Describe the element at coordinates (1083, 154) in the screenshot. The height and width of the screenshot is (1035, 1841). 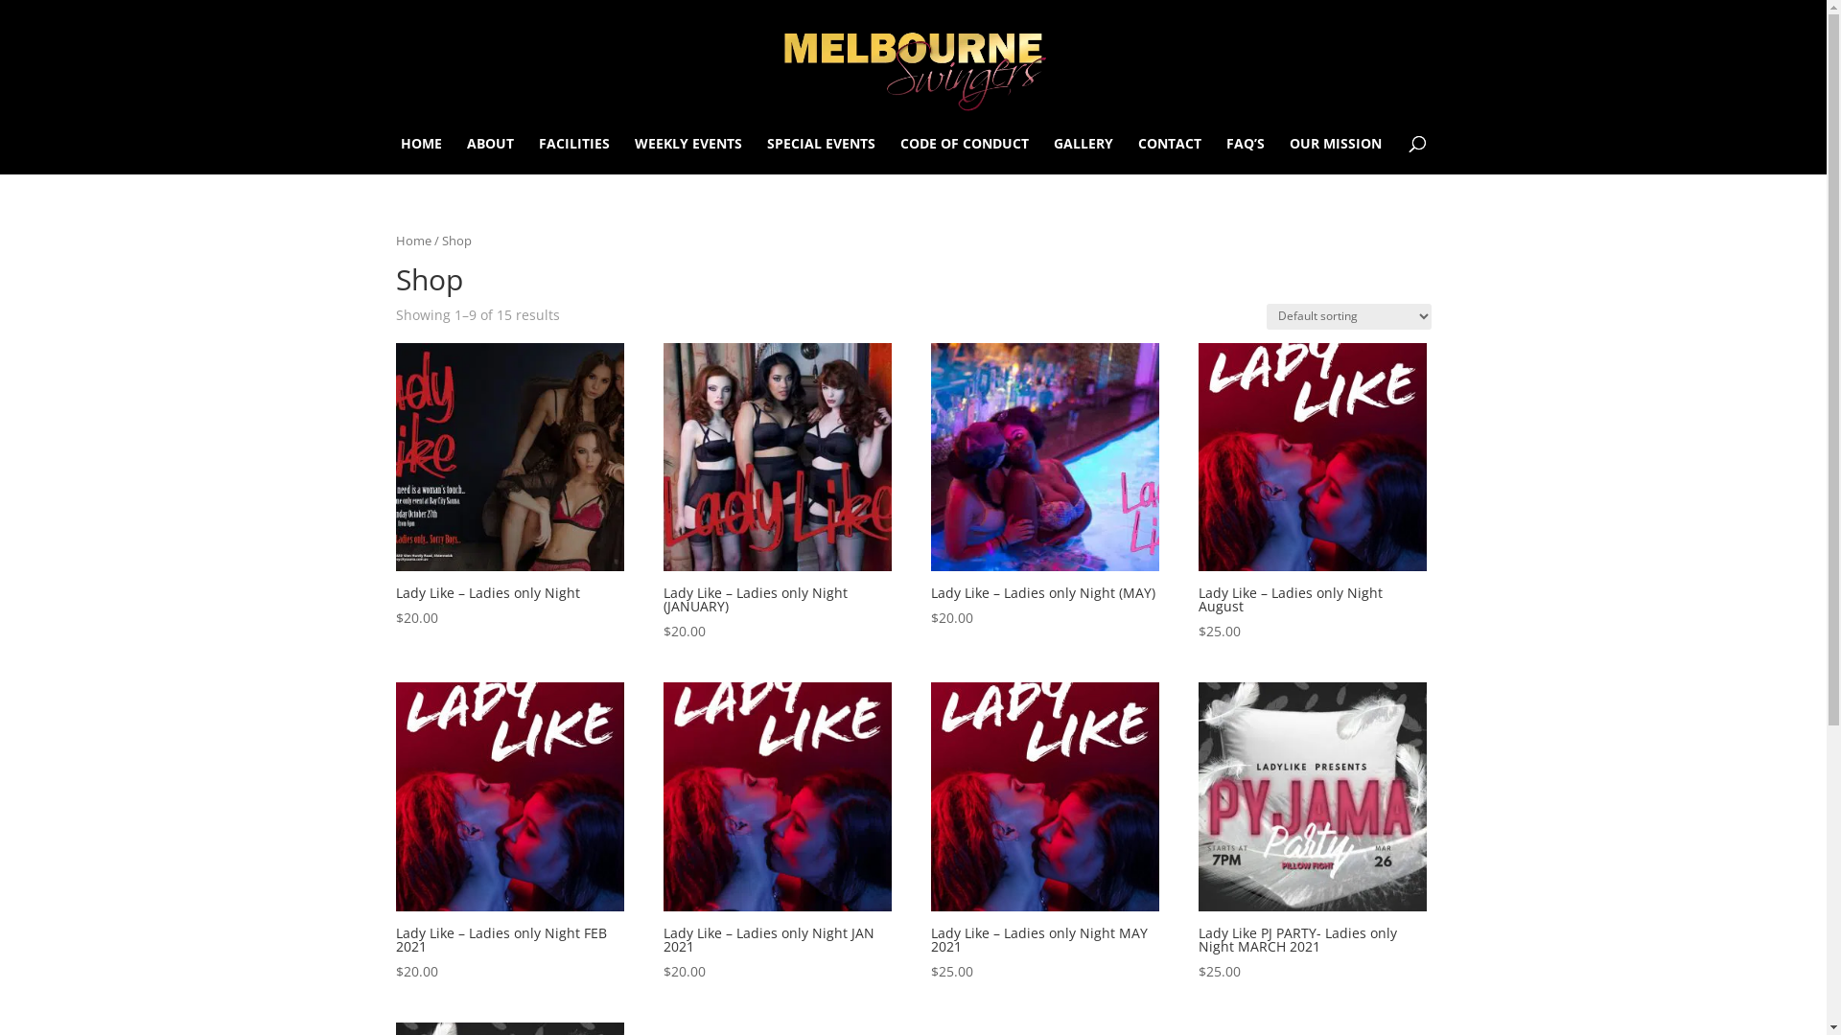
I see `'GALLERY'` at that location.